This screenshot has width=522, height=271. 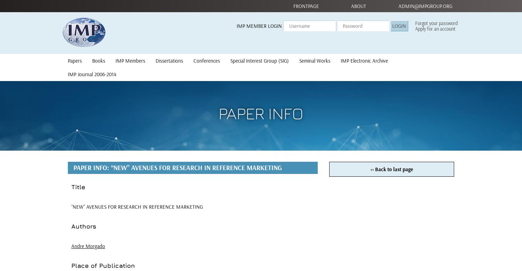 What do you see at coordinates (436, 23) in the screenshot?
I see `'Forgot your password'` at bounding box center [436, 23].